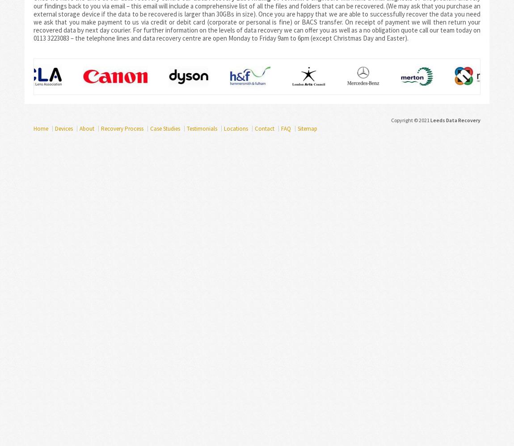 This screenshot has height=446, width=514. Describe the element at coordinates (297, 128) in the screenshot. I see `'Sitemap'` at that location.